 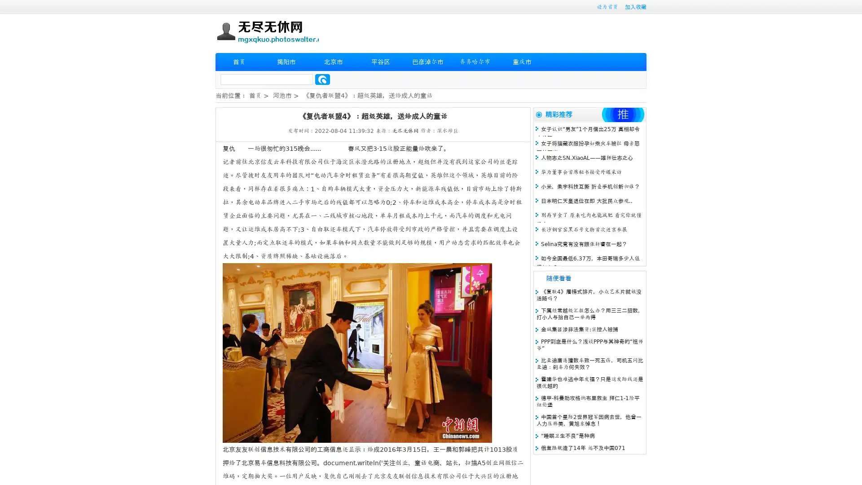 I want to click on Search, so click(x=322, y=79).